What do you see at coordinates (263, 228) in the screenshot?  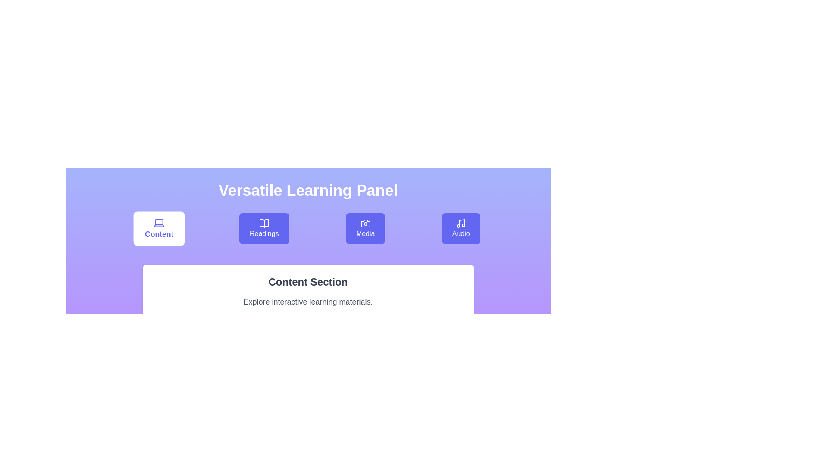 I see `the Readings tab to switch to its section` at bounding box center [263, 228].